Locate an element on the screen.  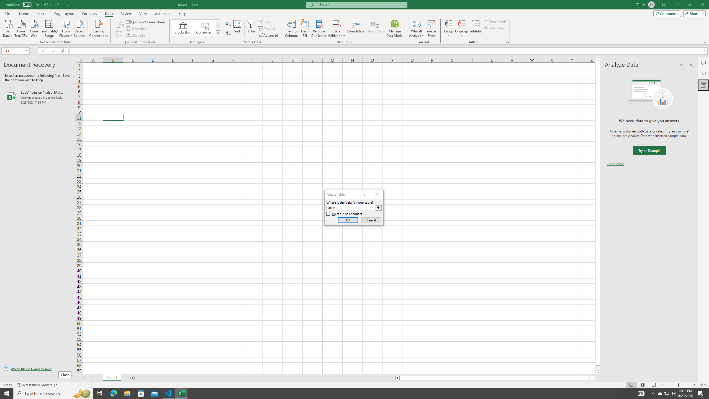
'Redo' is located at coordinates (58, 4).